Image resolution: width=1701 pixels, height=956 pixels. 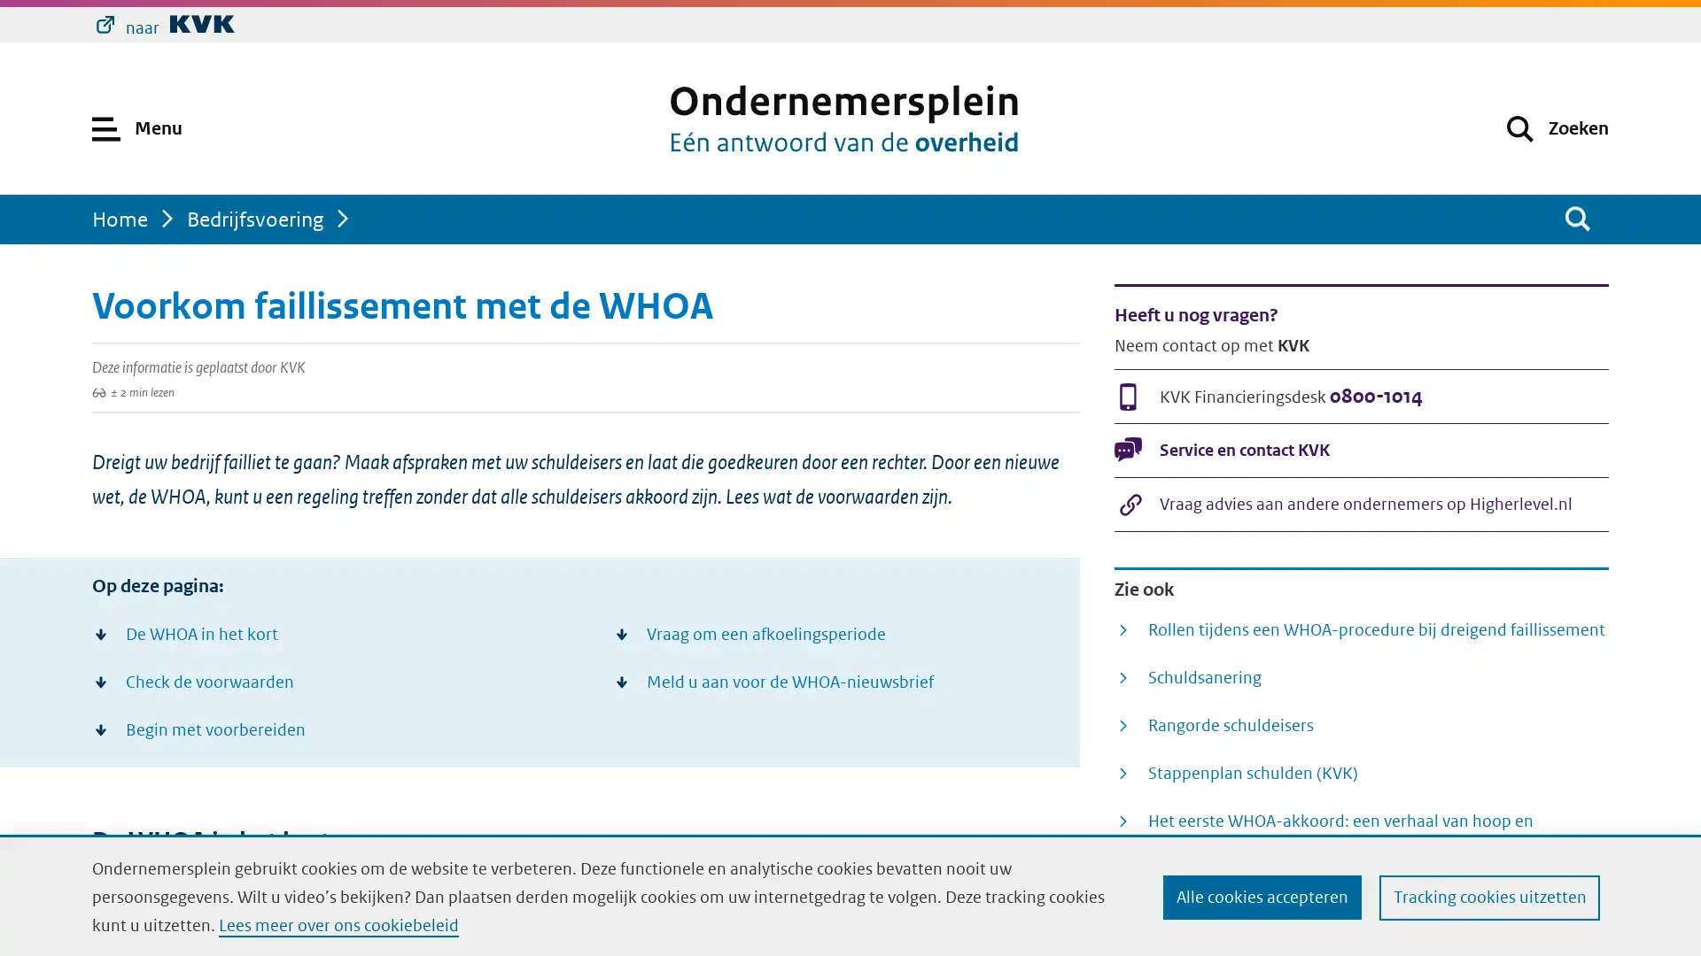 I want to click on Alle cookies accepteren, so click(x=1262, y=895).